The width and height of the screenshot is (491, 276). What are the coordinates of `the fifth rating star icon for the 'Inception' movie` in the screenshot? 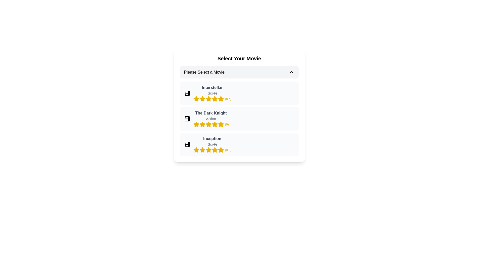 It's located at (208, 149).